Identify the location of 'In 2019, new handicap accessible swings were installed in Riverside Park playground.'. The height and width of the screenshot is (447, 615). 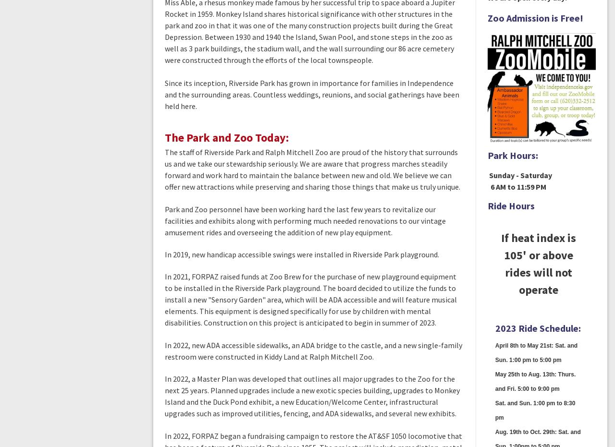
(165, 254).